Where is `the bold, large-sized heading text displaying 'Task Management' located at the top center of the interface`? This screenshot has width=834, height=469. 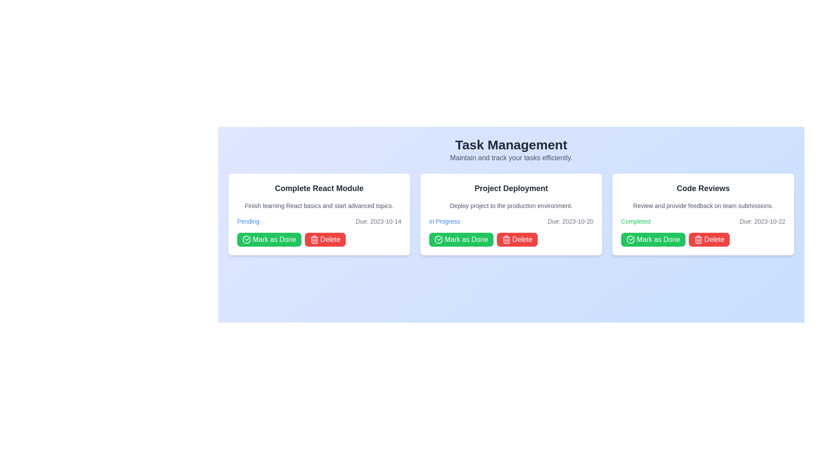
the bold, large-sized heading text displaying 'Task Management' located at the top center of the interface is located at coordinates (511, 145).